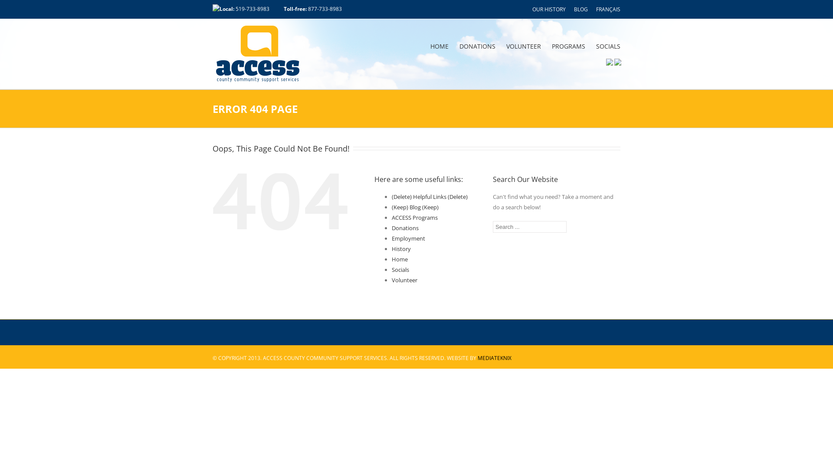 Image resolution: width=833 pixels, height=469 pixels. What do you see at coordinates (391, 259) in the screenshot?
I see `'Home'` at bounding box center [391, 259].